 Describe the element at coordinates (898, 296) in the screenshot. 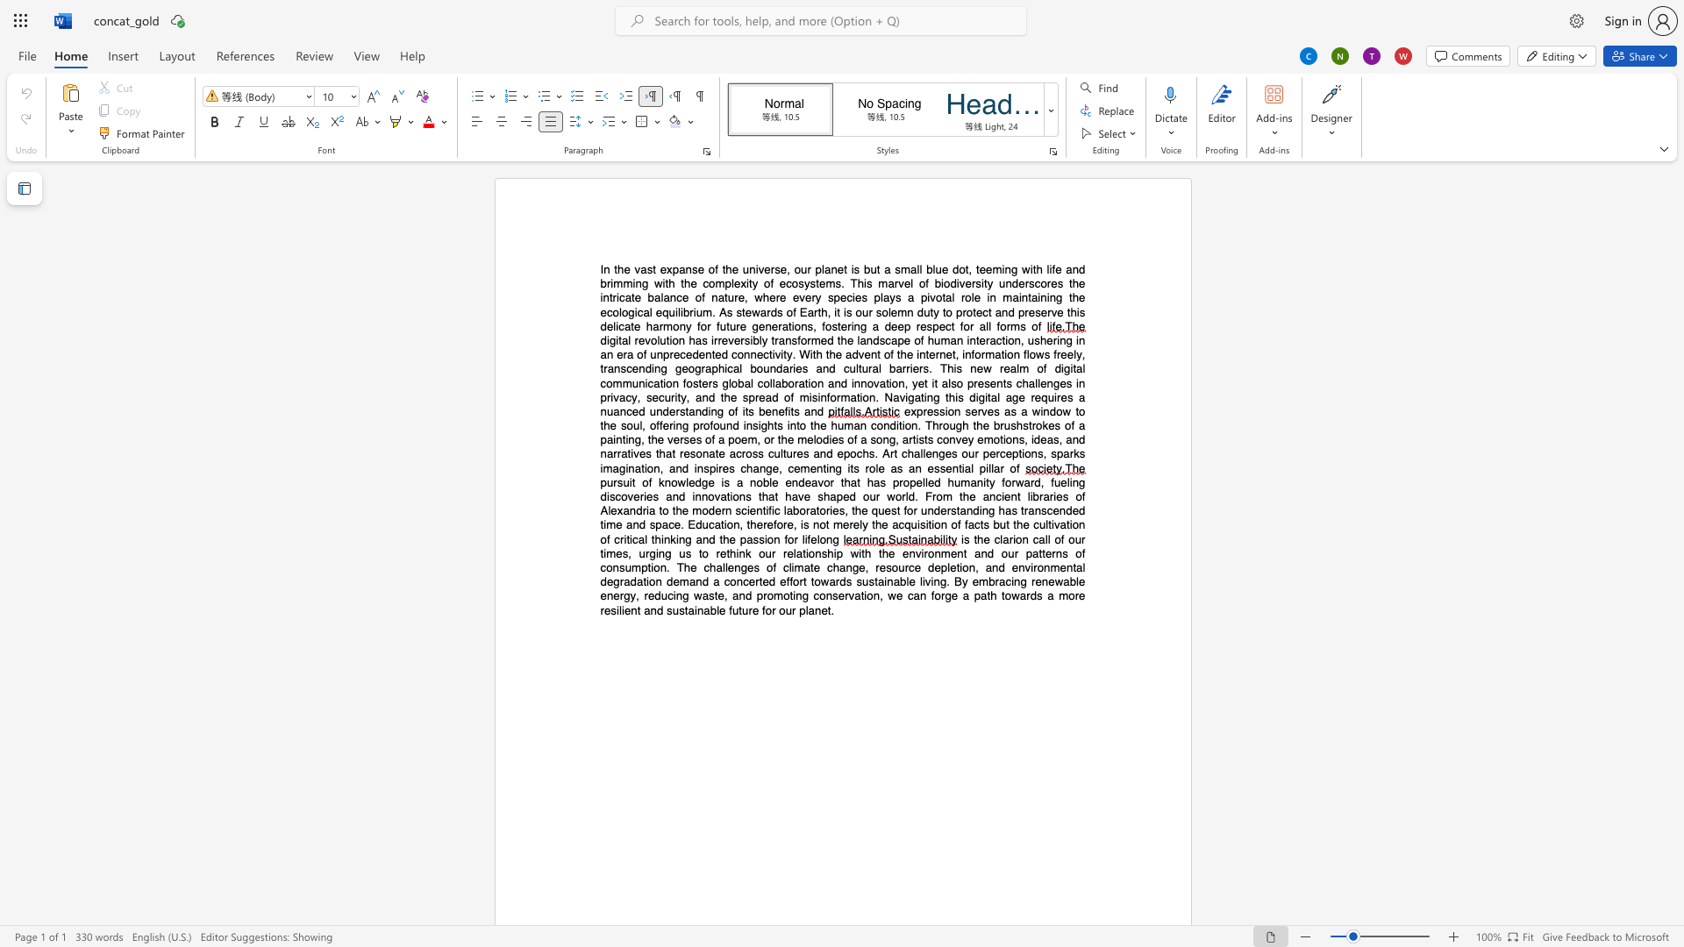

I see `the 15th character "s" in the text` at that location.